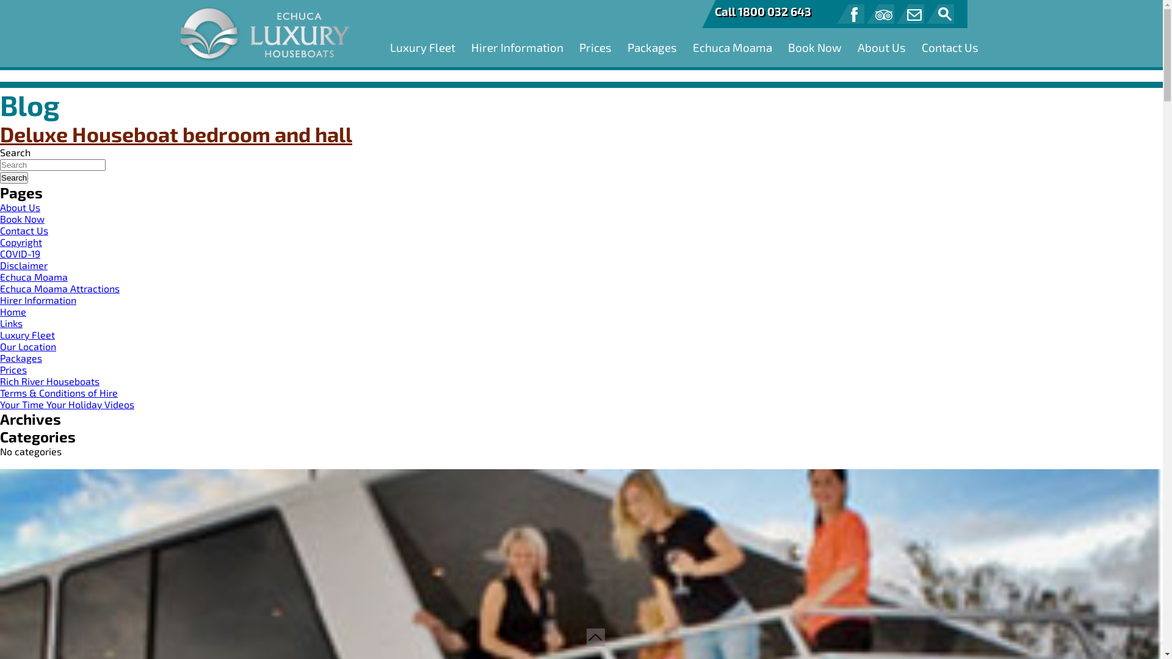  What do you see at coordinates (0, 392) in the screenshot?
I see `'Terms & Conditions of Hire'` at bounding box center [0, 392].